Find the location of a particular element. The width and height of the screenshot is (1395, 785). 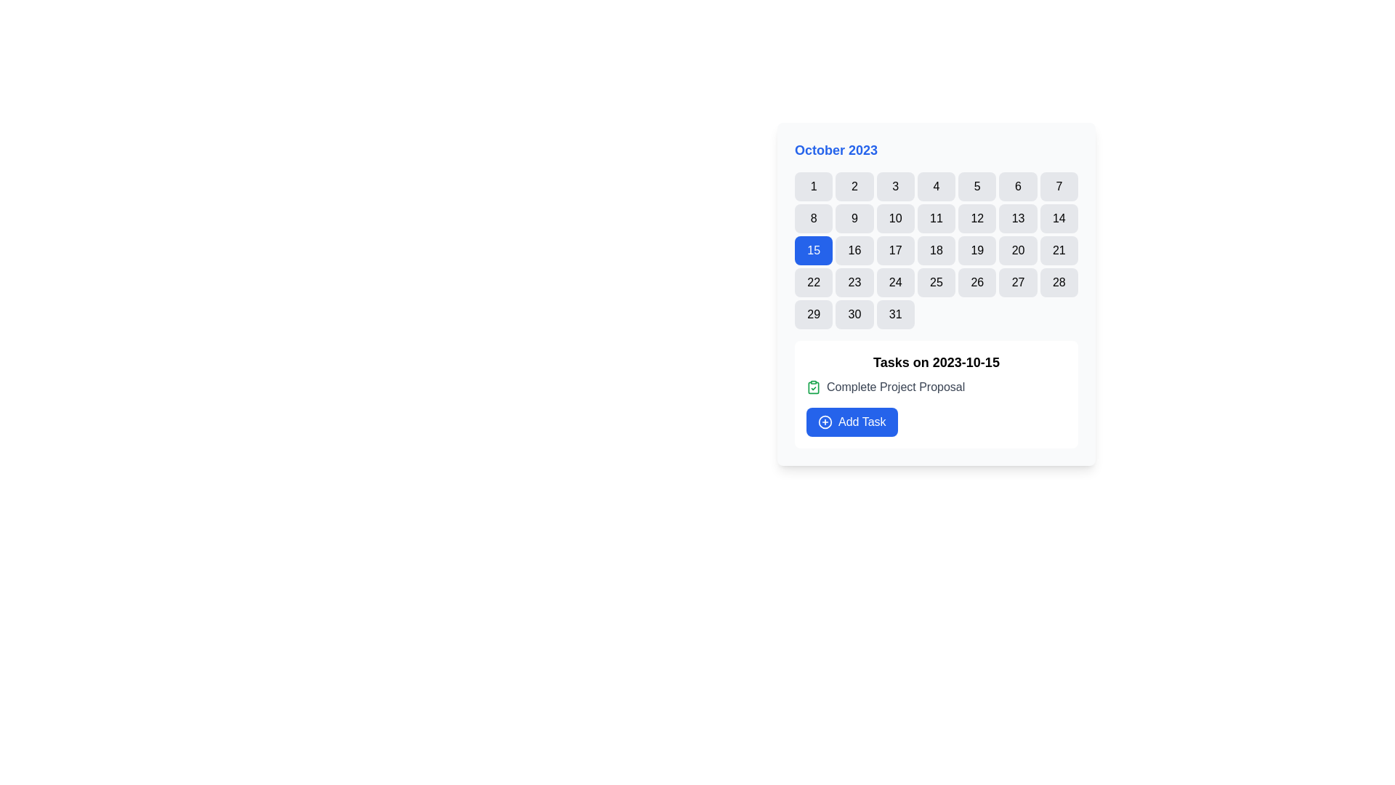

the button representing the date '19' in the calendar interface is located at coordinates (977, 249).